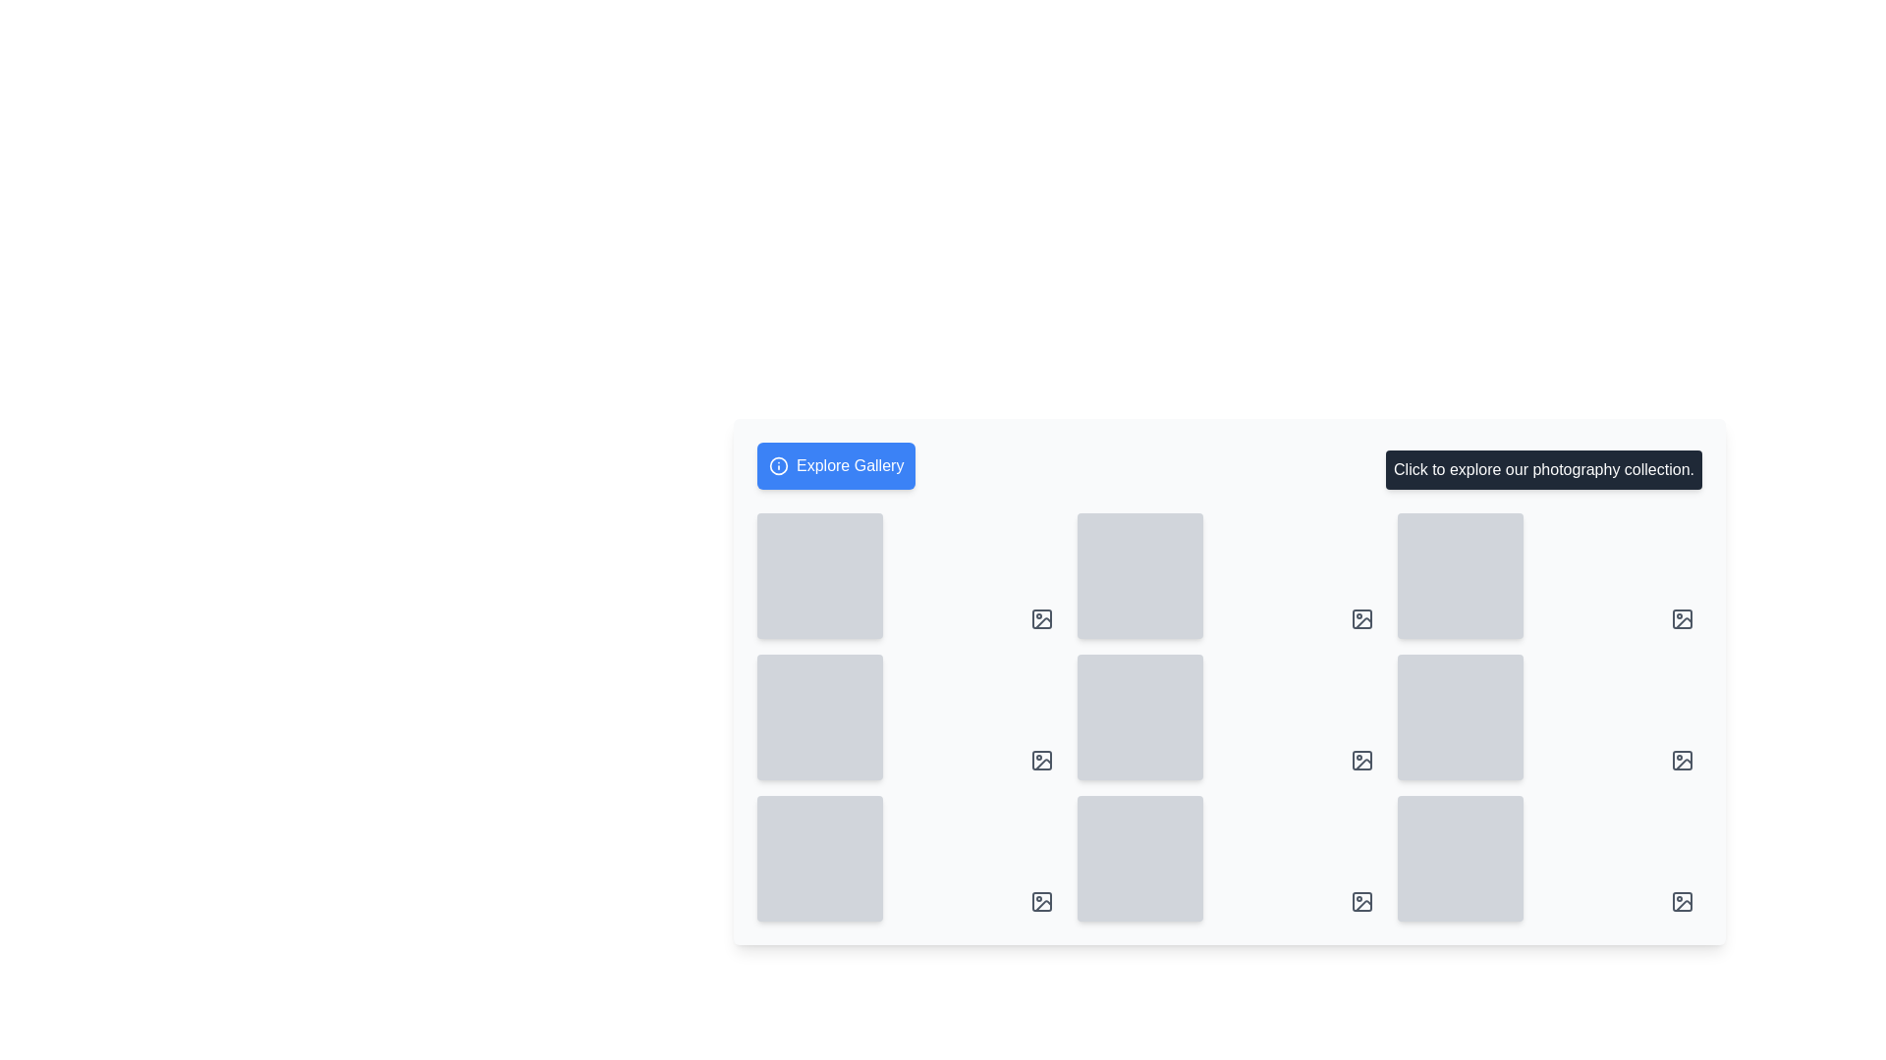  Describe the element at coordinates (1682, 760) in the screenshot. I see `the image-related action icon located in the bottom-right corner of the rectangular card to interact with it` at that location.